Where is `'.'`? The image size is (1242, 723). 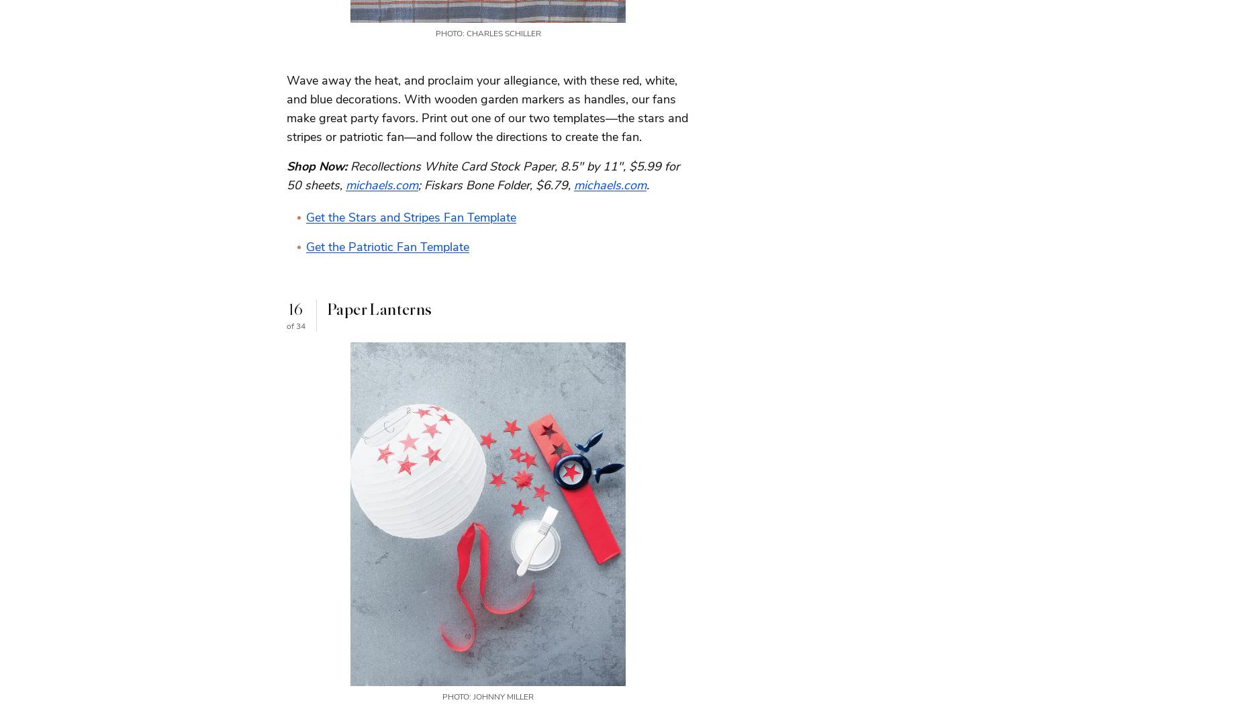
'.' is located at coordinates (645, 183).